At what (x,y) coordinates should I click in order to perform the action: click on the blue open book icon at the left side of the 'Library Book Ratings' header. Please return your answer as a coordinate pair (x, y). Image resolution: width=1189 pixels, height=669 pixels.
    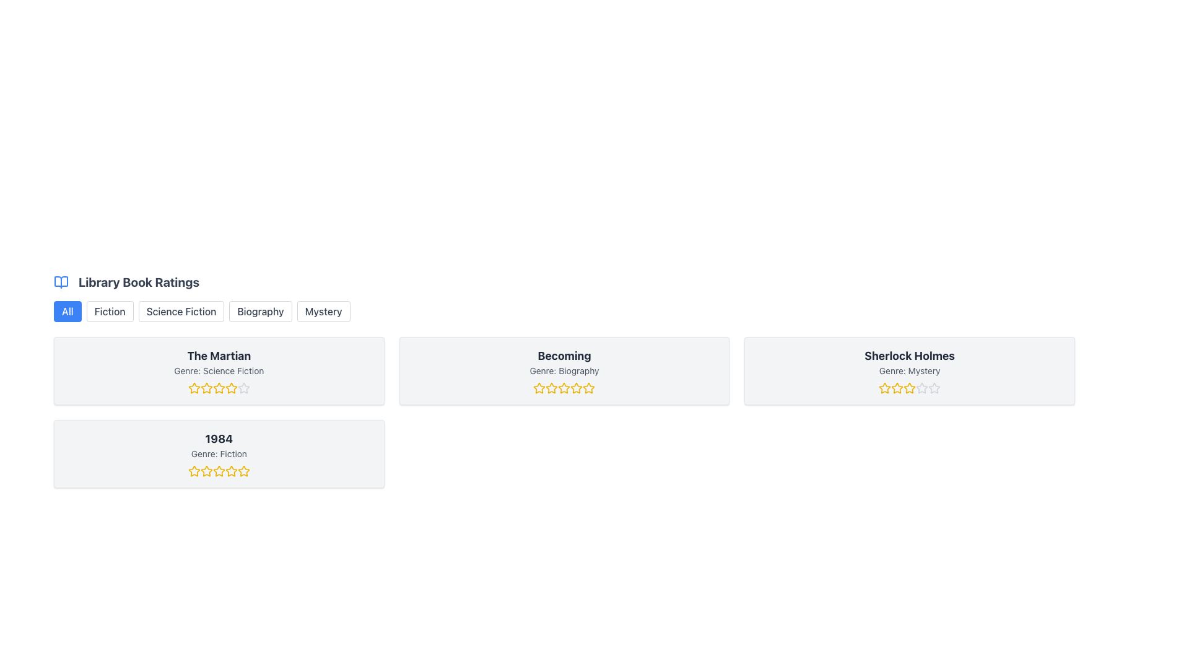
    Looking at the image, I should click on (61, 282).